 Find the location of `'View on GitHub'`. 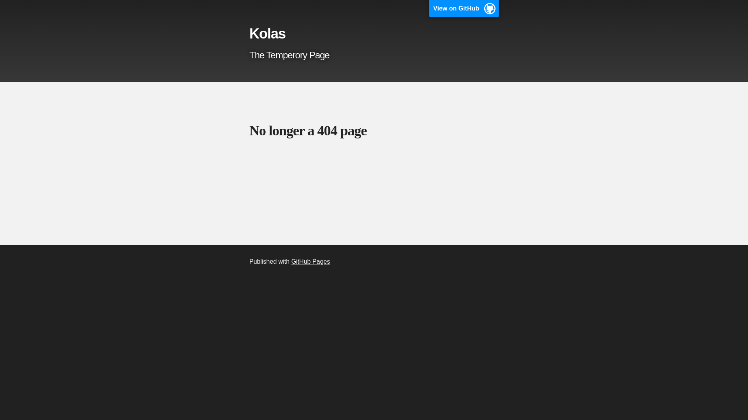

'View on GitHub' is located at coordinates (429, 9).